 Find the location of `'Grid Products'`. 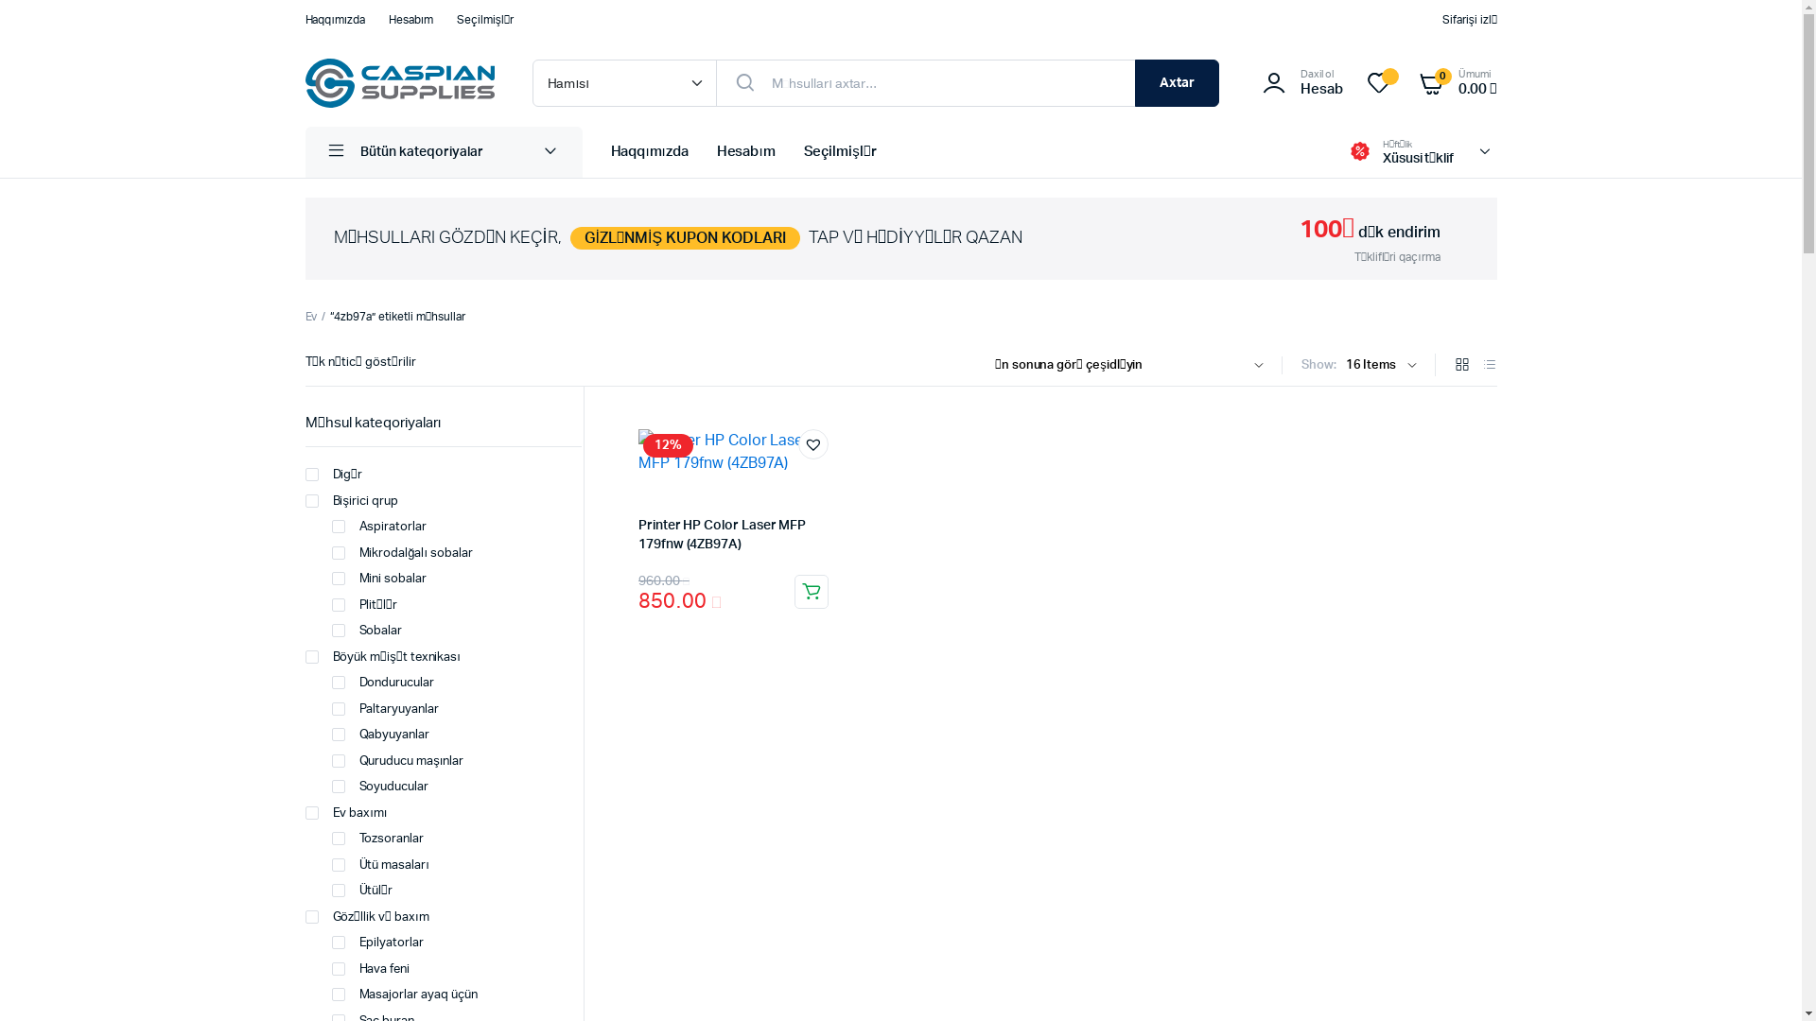

'Grid Products' is located at coordinates (1460, 366).